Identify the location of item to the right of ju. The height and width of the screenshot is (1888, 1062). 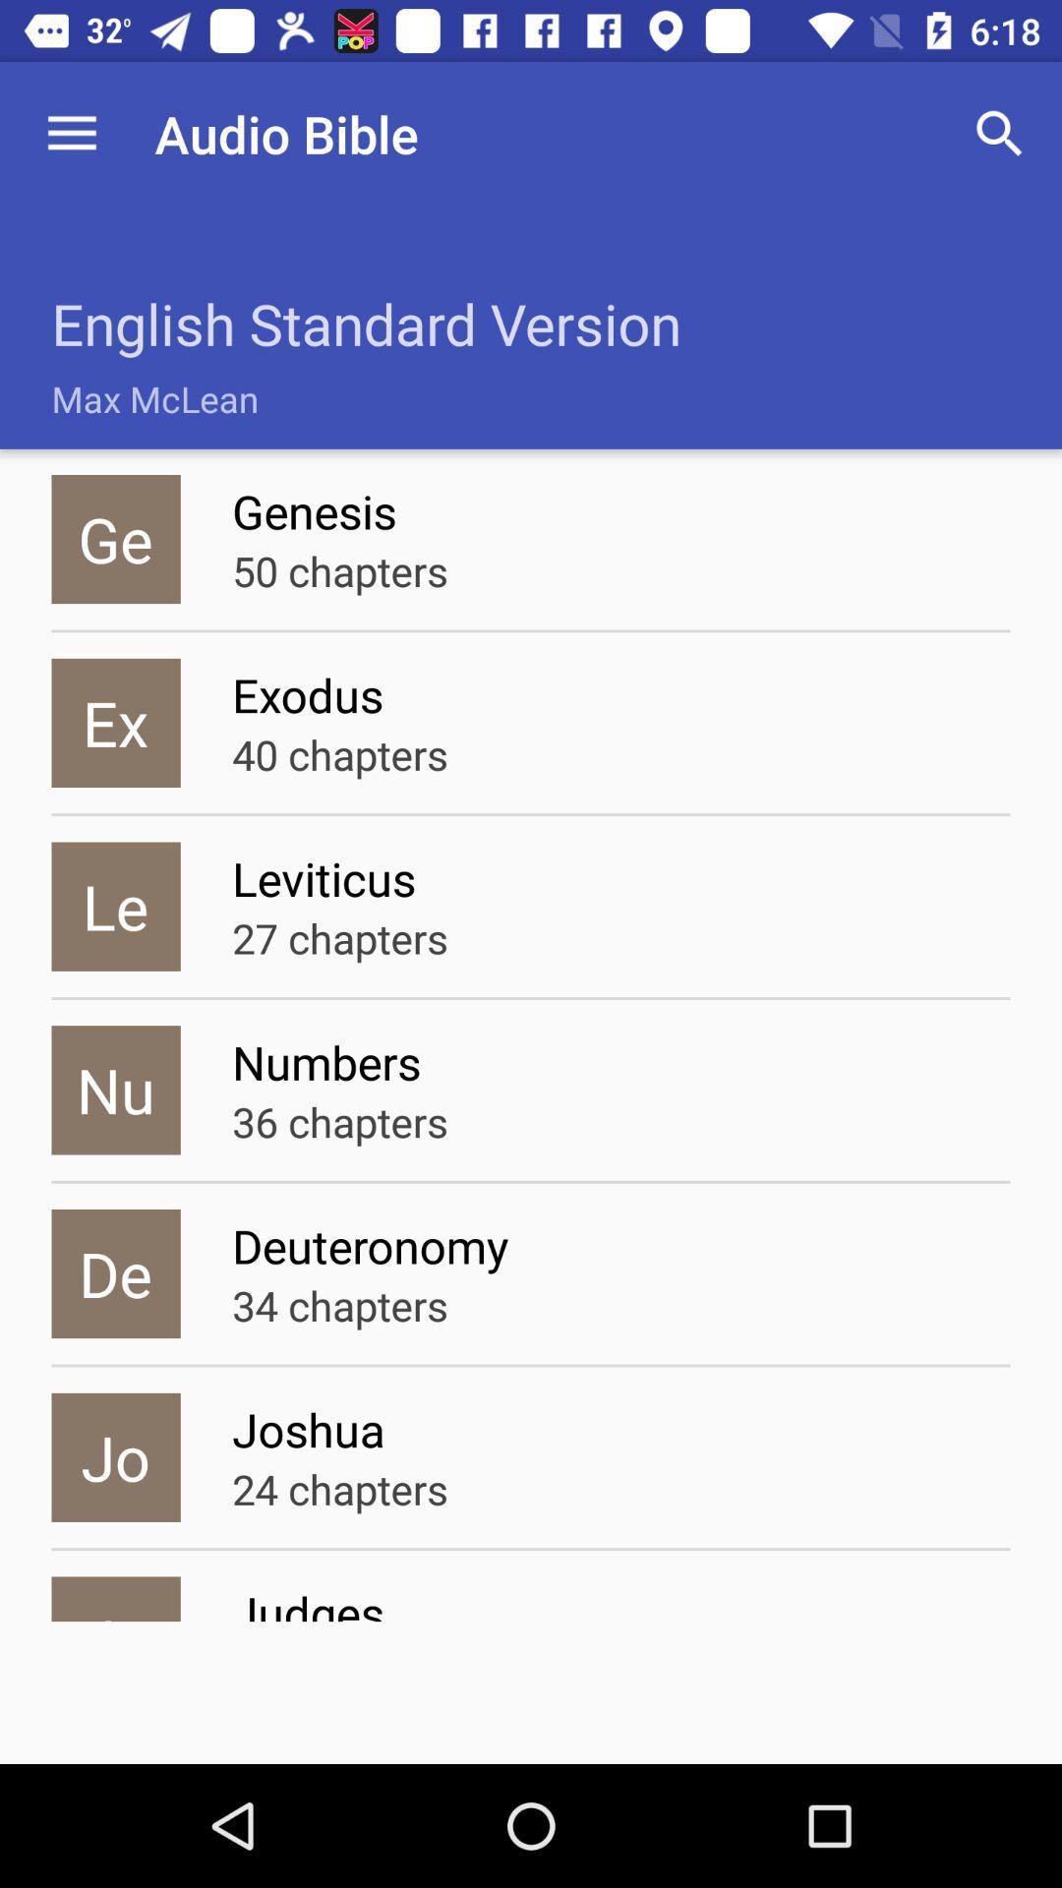
(620, 1601).